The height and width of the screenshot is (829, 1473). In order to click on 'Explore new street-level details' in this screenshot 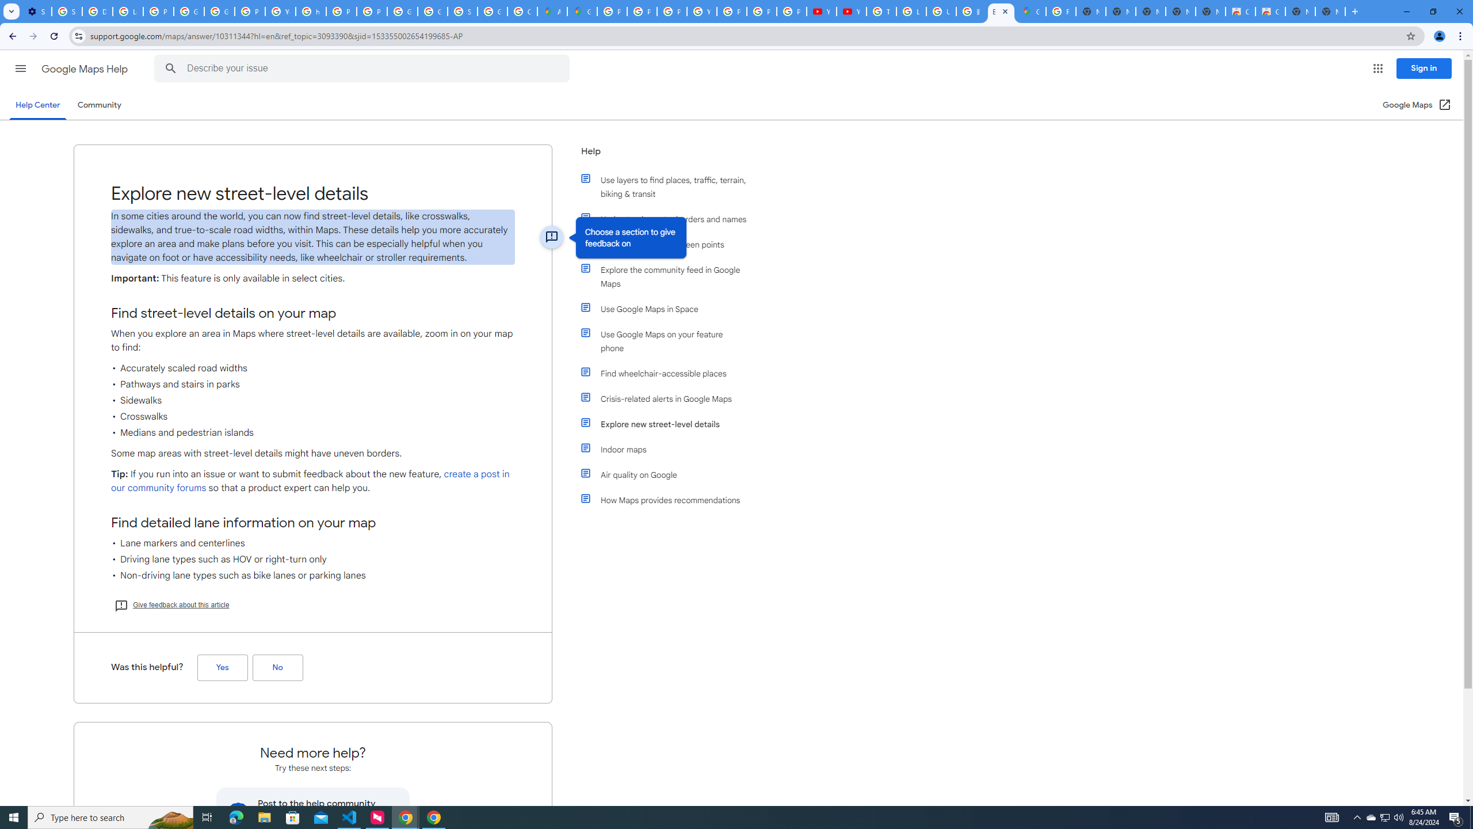, I will do `click(669, 424)`.